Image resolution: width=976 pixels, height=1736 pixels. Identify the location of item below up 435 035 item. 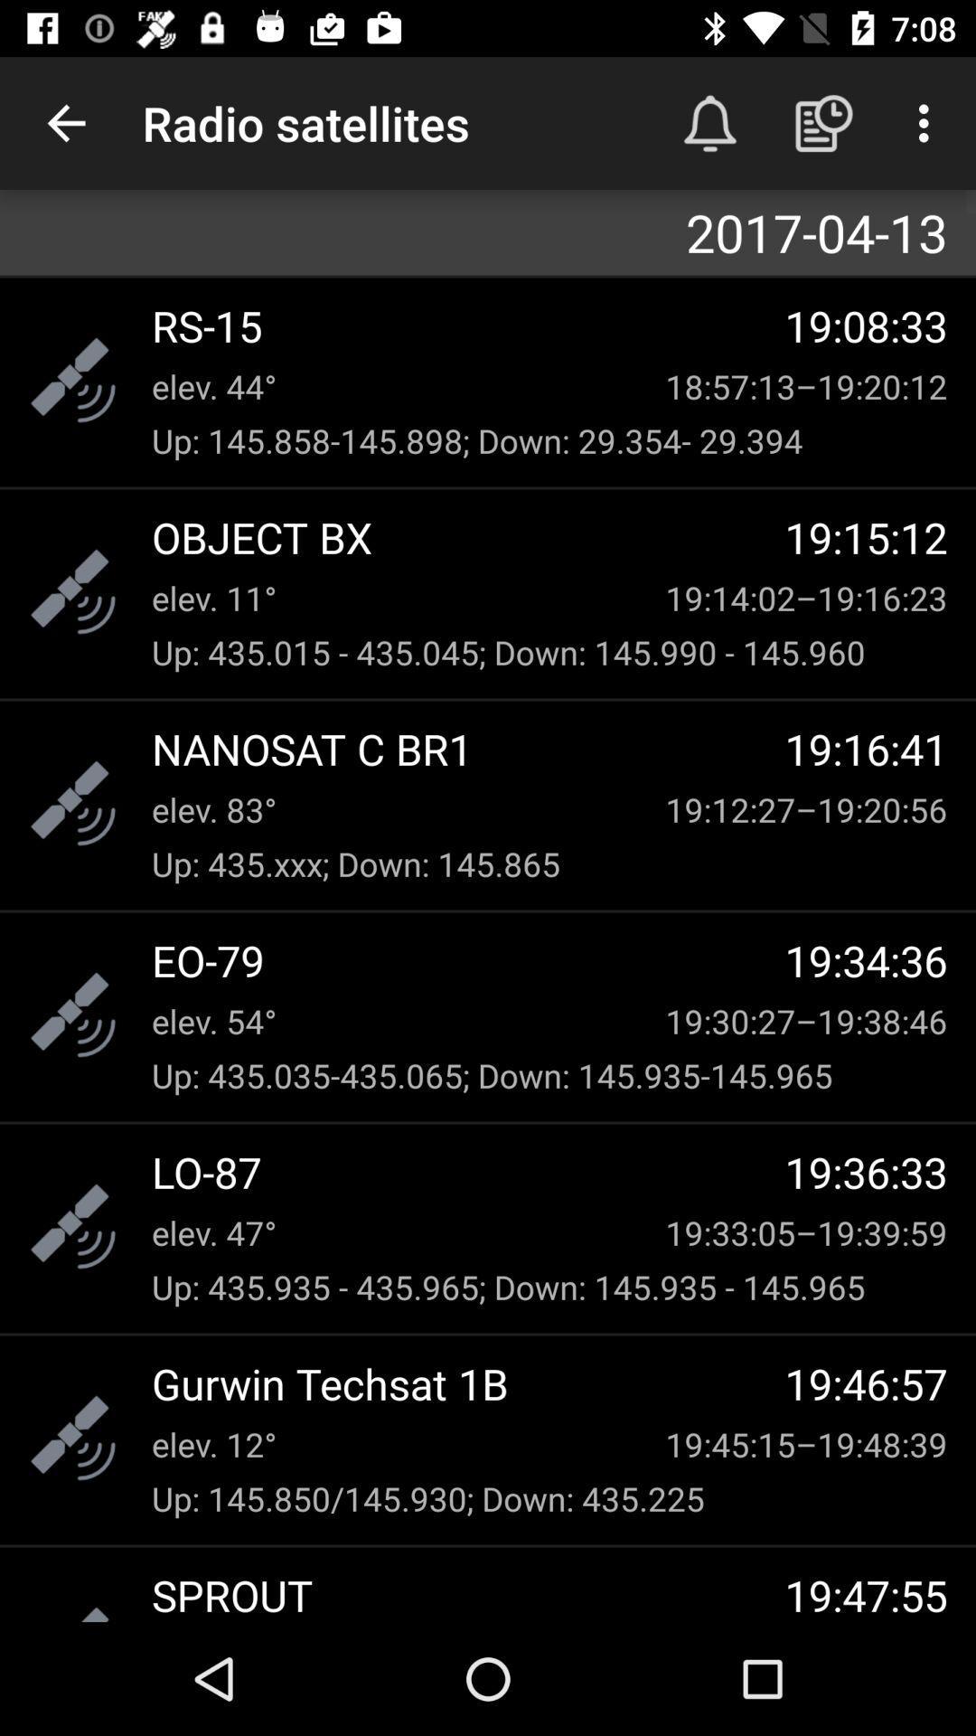
(467, 1172).